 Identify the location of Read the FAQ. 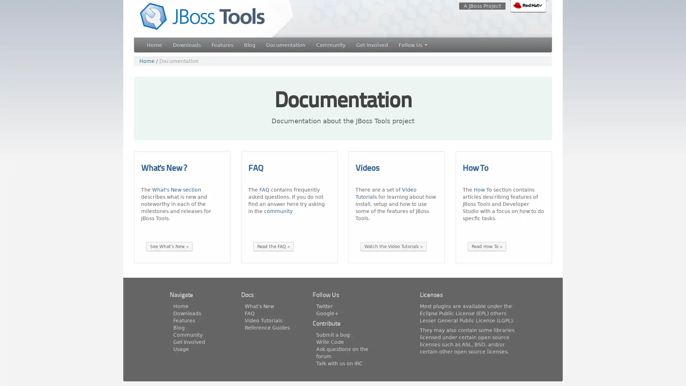
(273, 246).